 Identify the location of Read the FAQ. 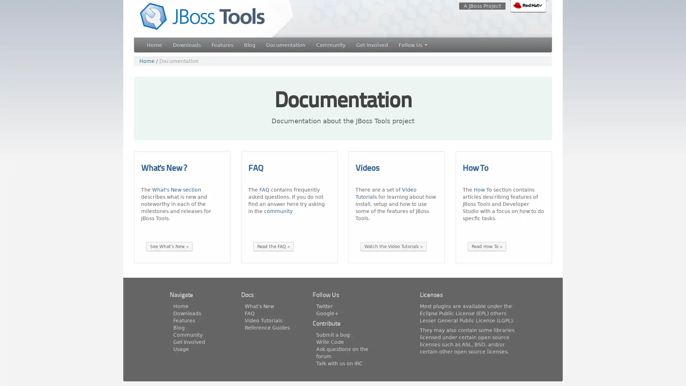
(273, 246).